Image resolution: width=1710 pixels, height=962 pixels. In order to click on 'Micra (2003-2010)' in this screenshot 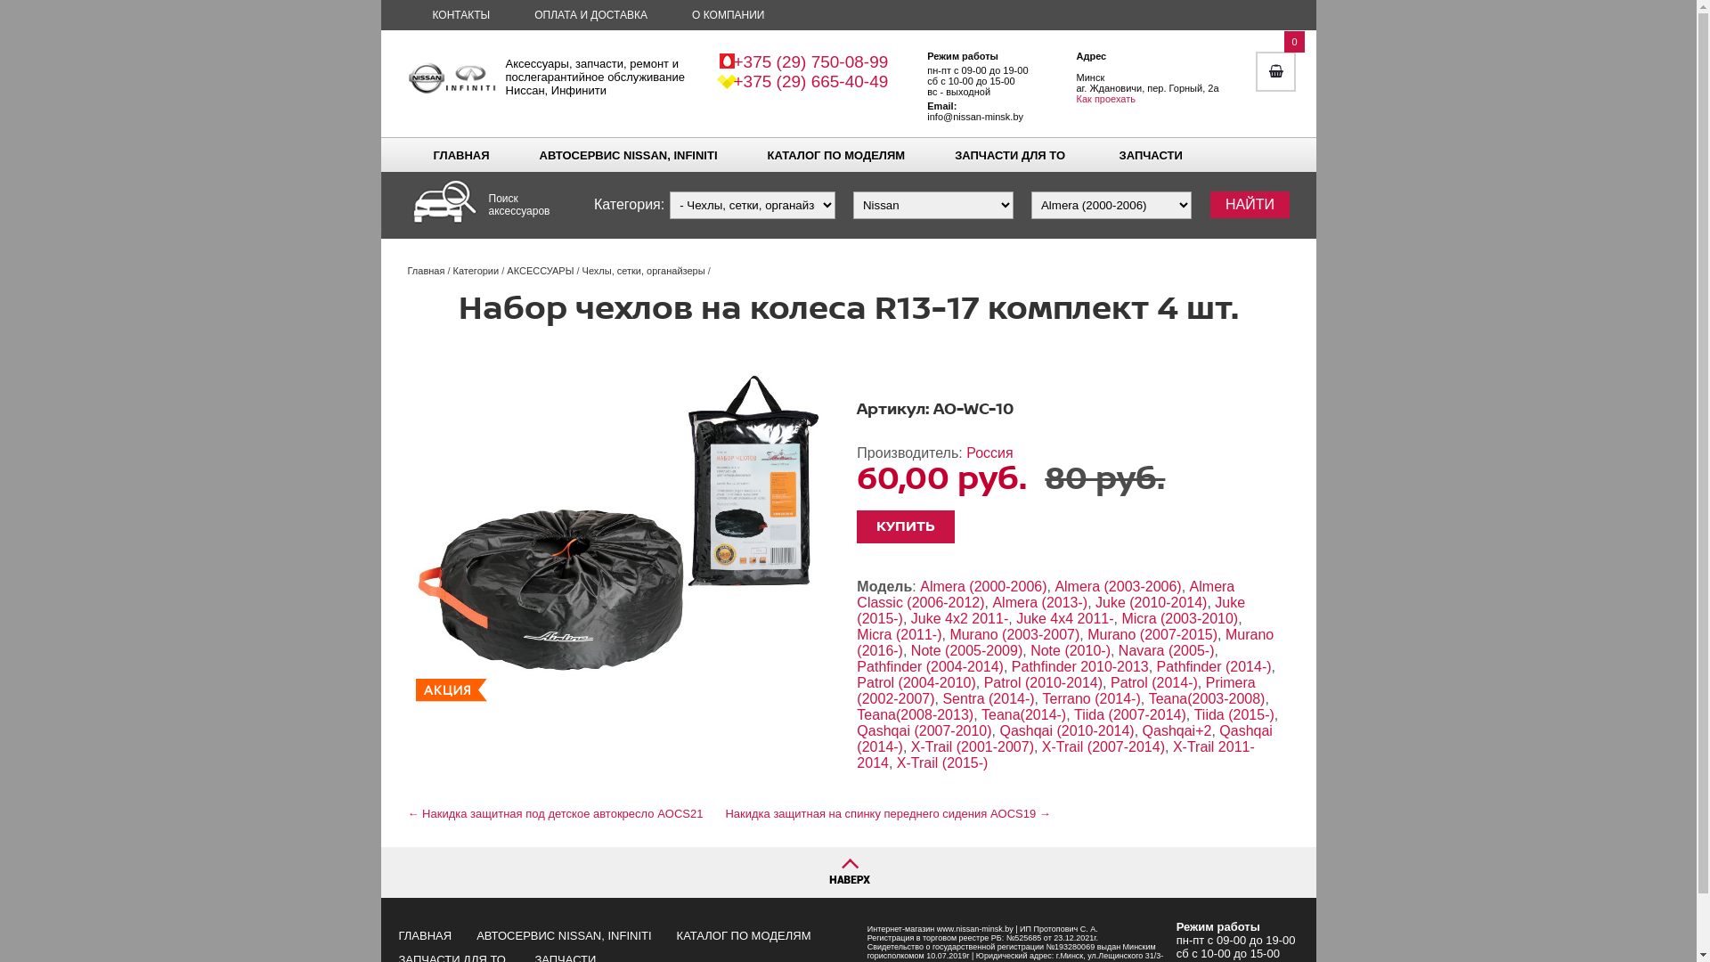, I will do `click(1179, 617)`.